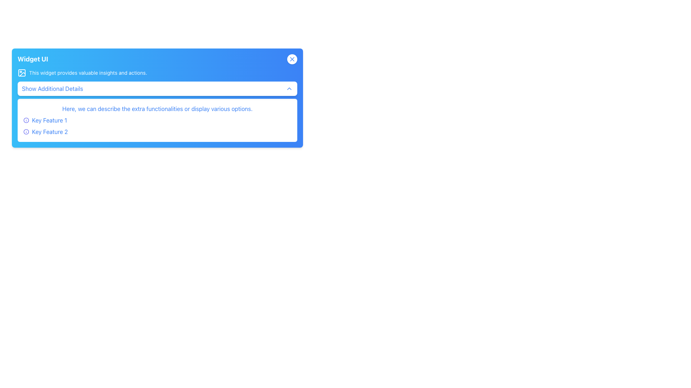 The height and width of the screenshot is (388, 691). What do you see at coordinates (292, 59) in the screenshot?
I see `the dismiss button, which is a small blue 'X' icon inside a circular white background located in the top-right corner of a blue card interface` at bounding box center [292, 59].